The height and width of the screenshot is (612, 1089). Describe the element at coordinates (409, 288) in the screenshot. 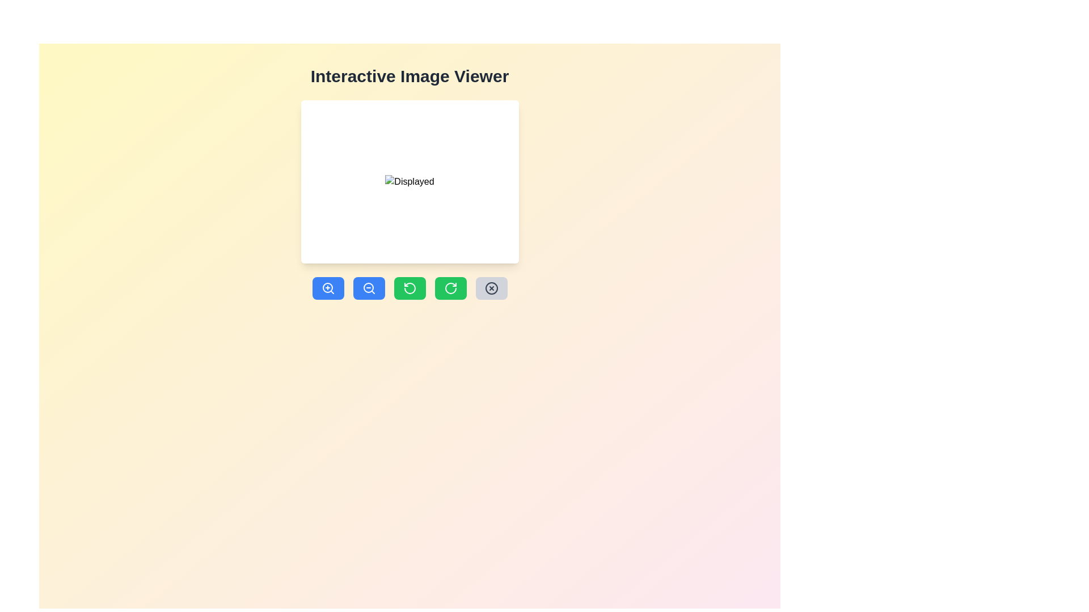

I see `the green button with a circular arrow icon, which is the third button in a row below the central image viewer` at that location.